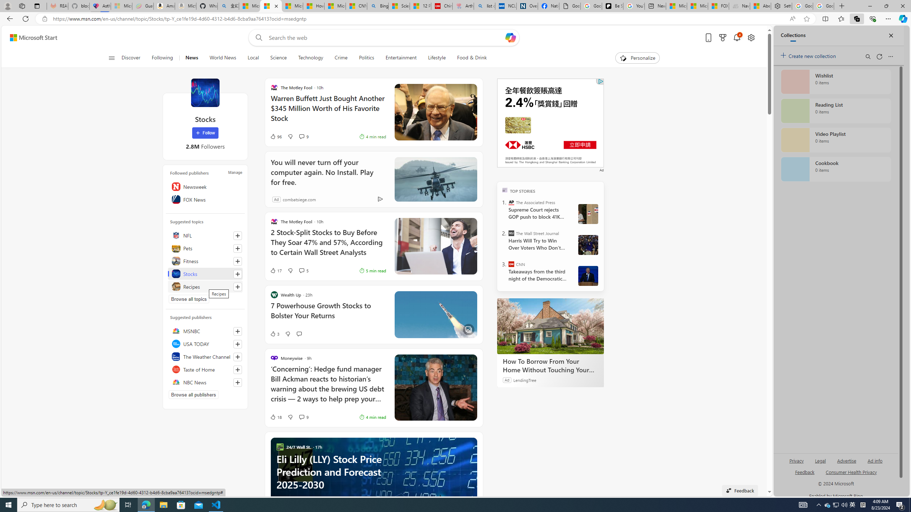 This screenshot has width=911, height=512. I want to click on 'NBC News', so click(205, 382).